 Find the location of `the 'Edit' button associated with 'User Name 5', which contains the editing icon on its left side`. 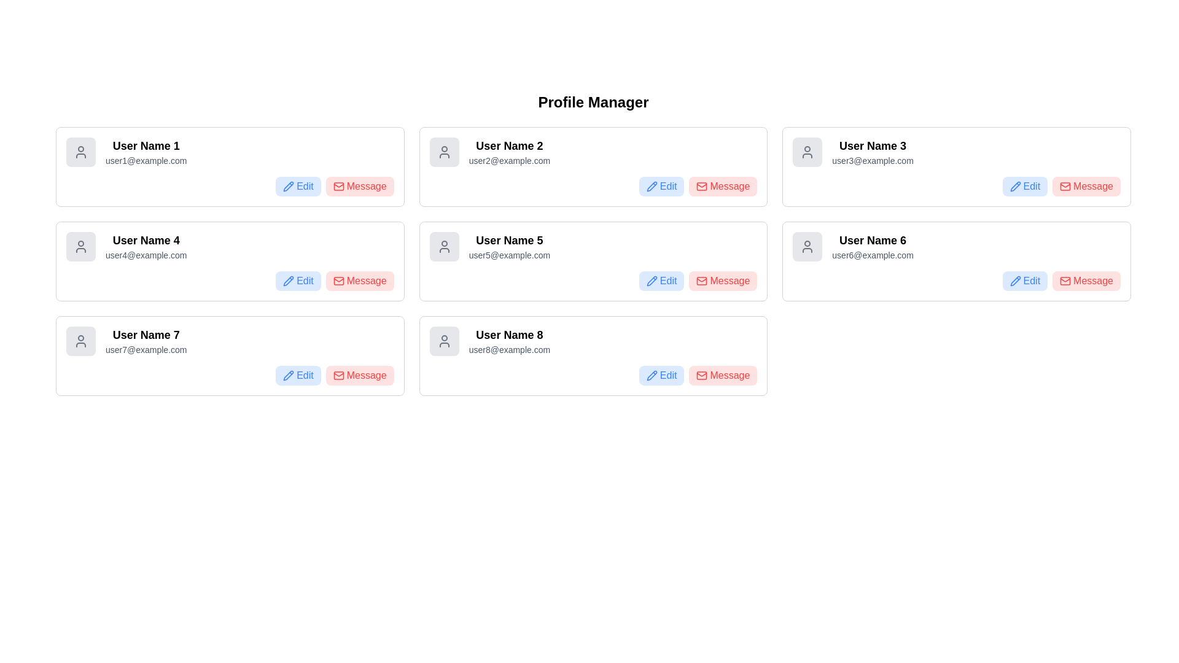

the 'Edit' button associated with 'User Name 5', which contains the editing icon on its left side is located at coordinates (651, 281).